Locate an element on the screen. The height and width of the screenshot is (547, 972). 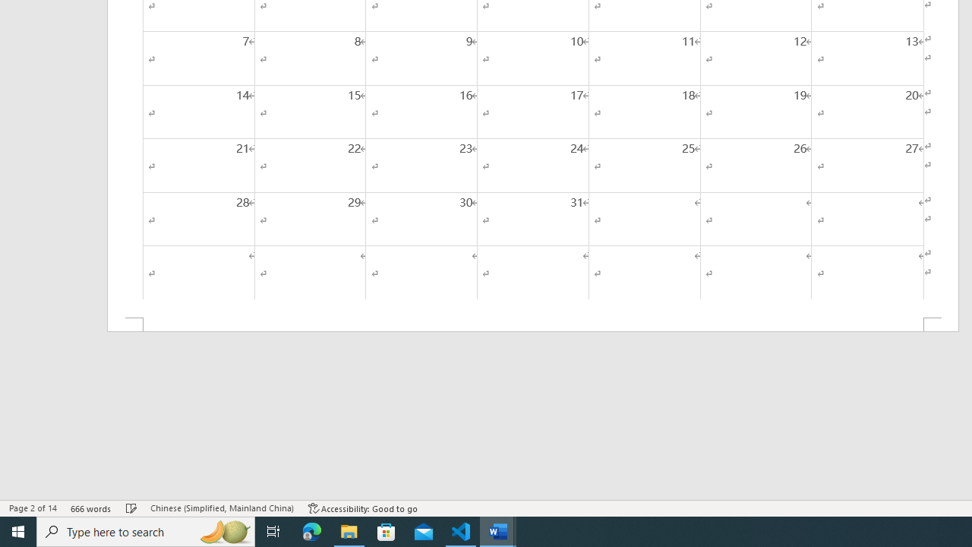
'Word - 2 running windows' is located at coordinates (498, 530).